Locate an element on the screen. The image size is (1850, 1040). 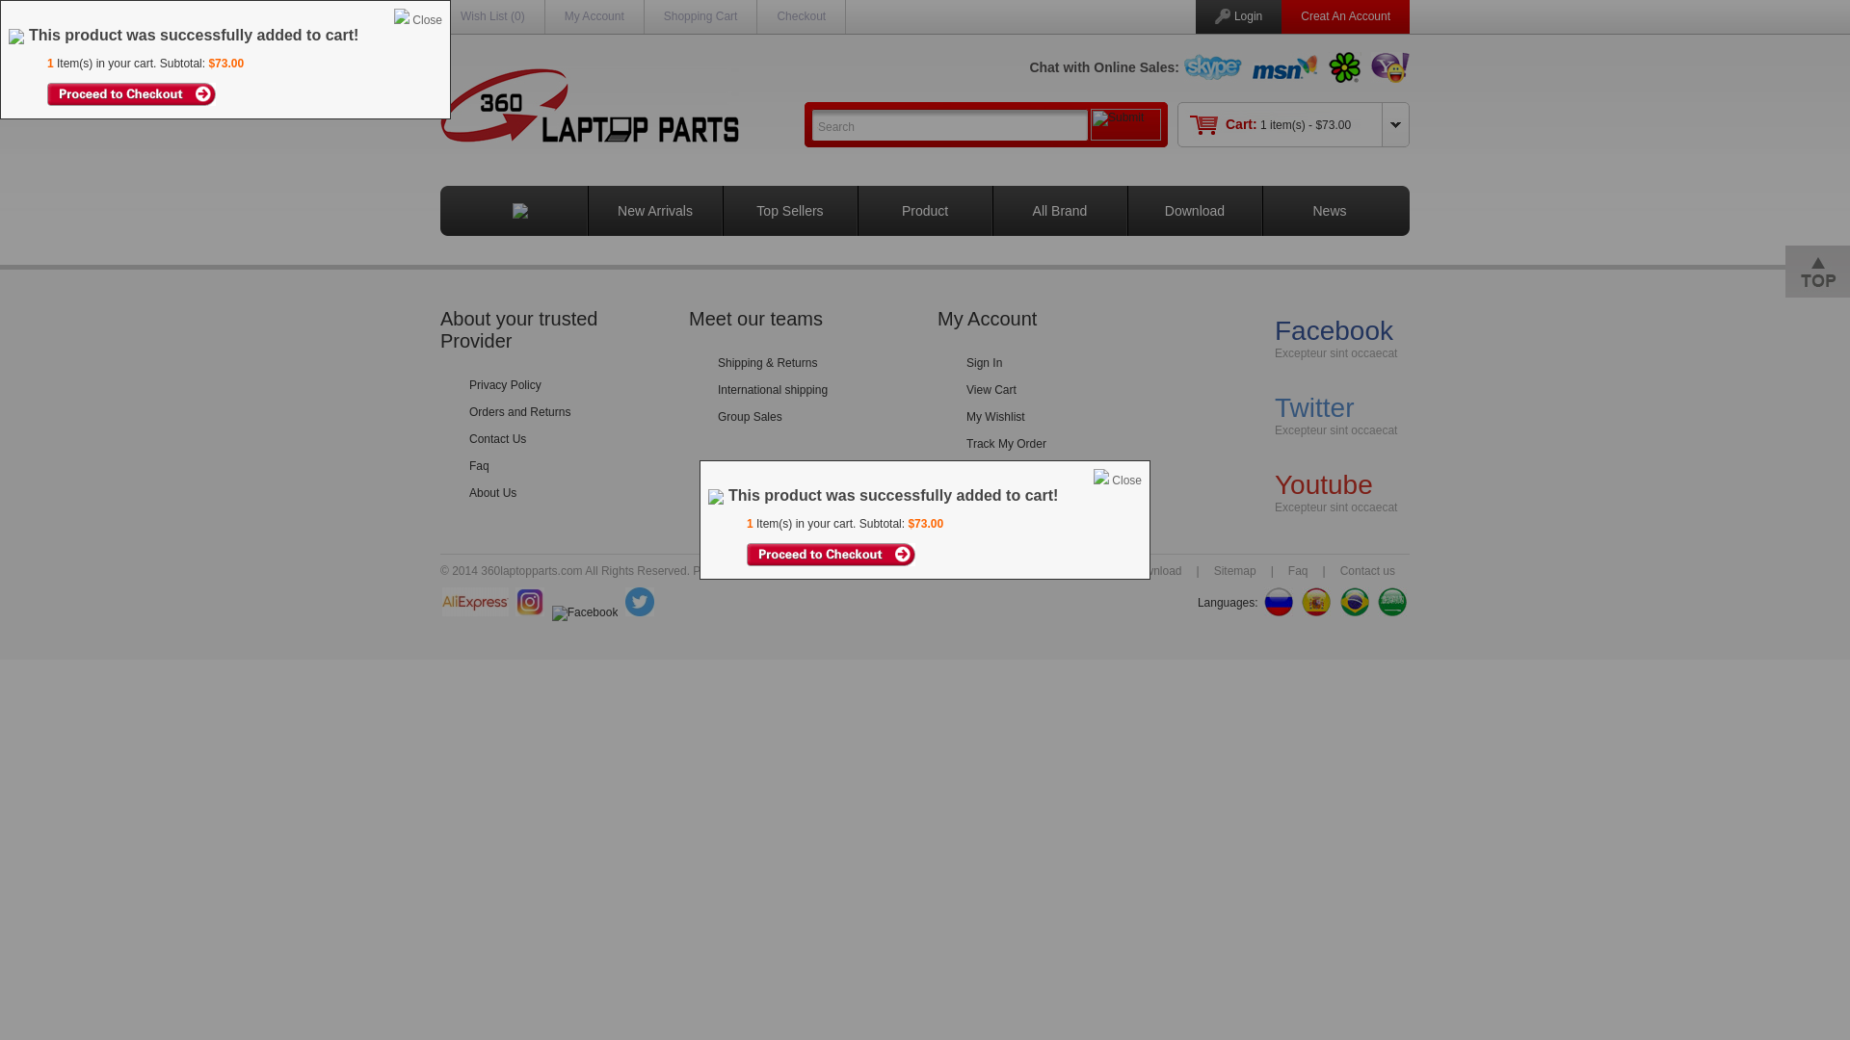
'Faq' is located at coordinates (1273, 570).